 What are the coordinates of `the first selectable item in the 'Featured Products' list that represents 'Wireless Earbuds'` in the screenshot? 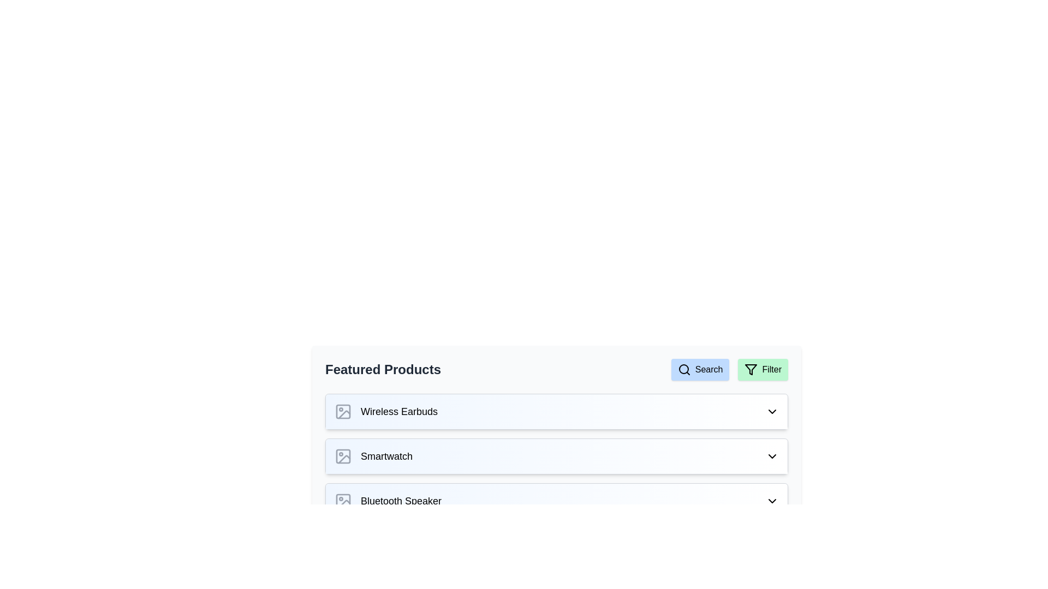 It's located at (556, 412).